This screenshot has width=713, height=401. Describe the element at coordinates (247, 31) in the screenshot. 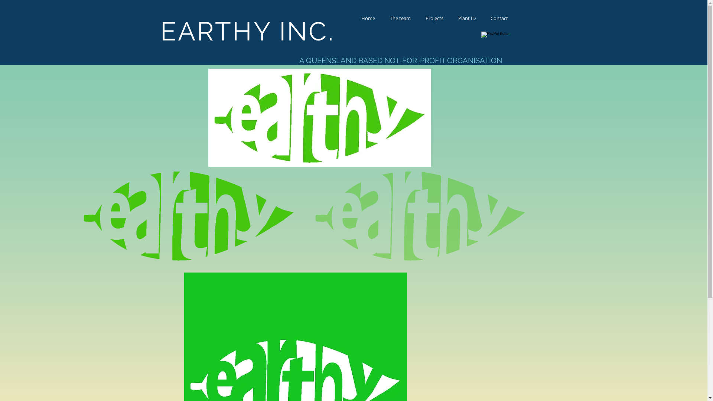

I see `'EARTHY INC.'` at that location.